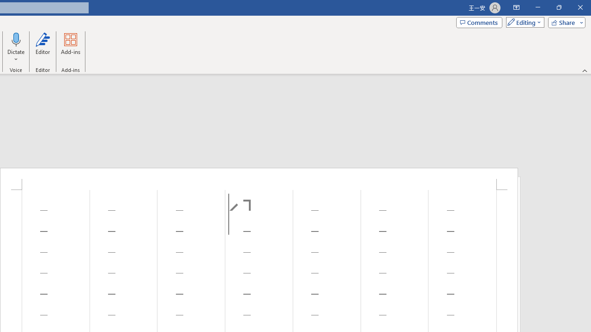 Image resolution: width=591 pixels, height=332 pixels. I want to click on 'More Options', so click(16, 56).